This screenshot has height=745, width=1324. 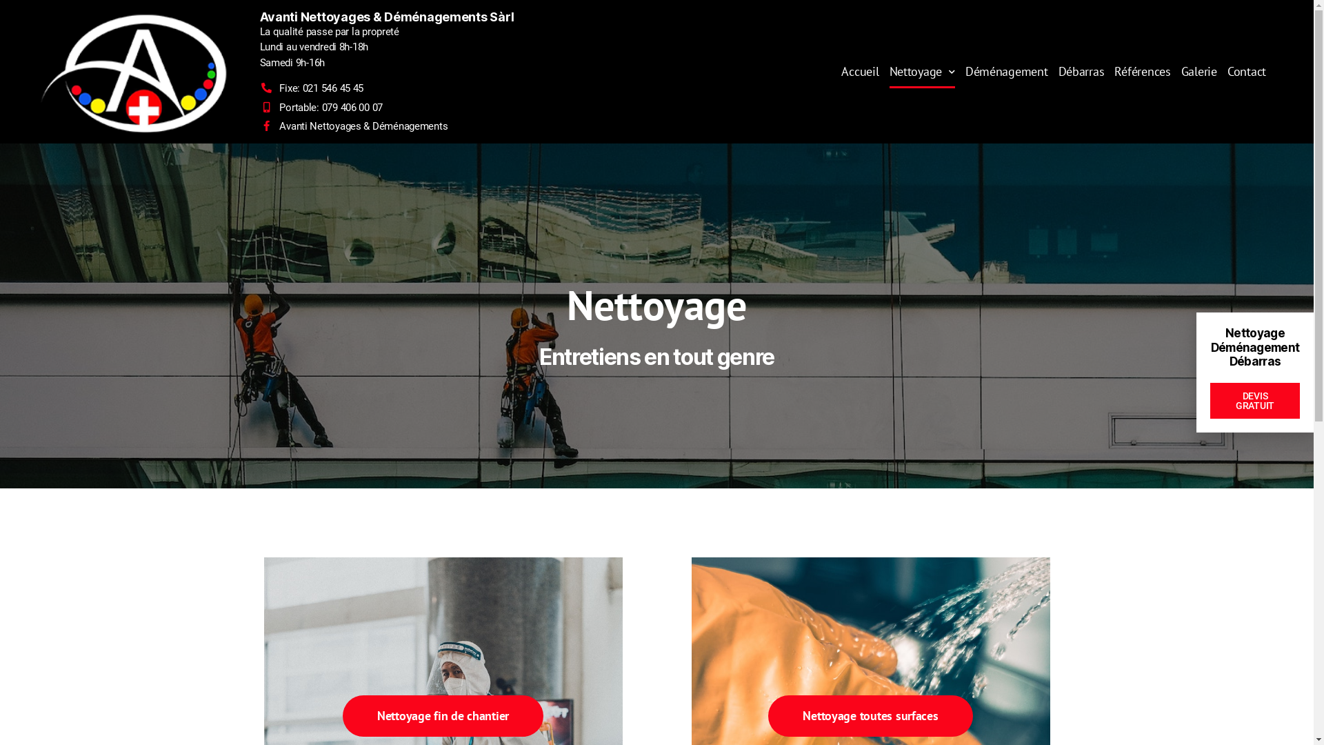 I want to click on 'Nettoyage fin de chantier', so click(x=443, y=715).